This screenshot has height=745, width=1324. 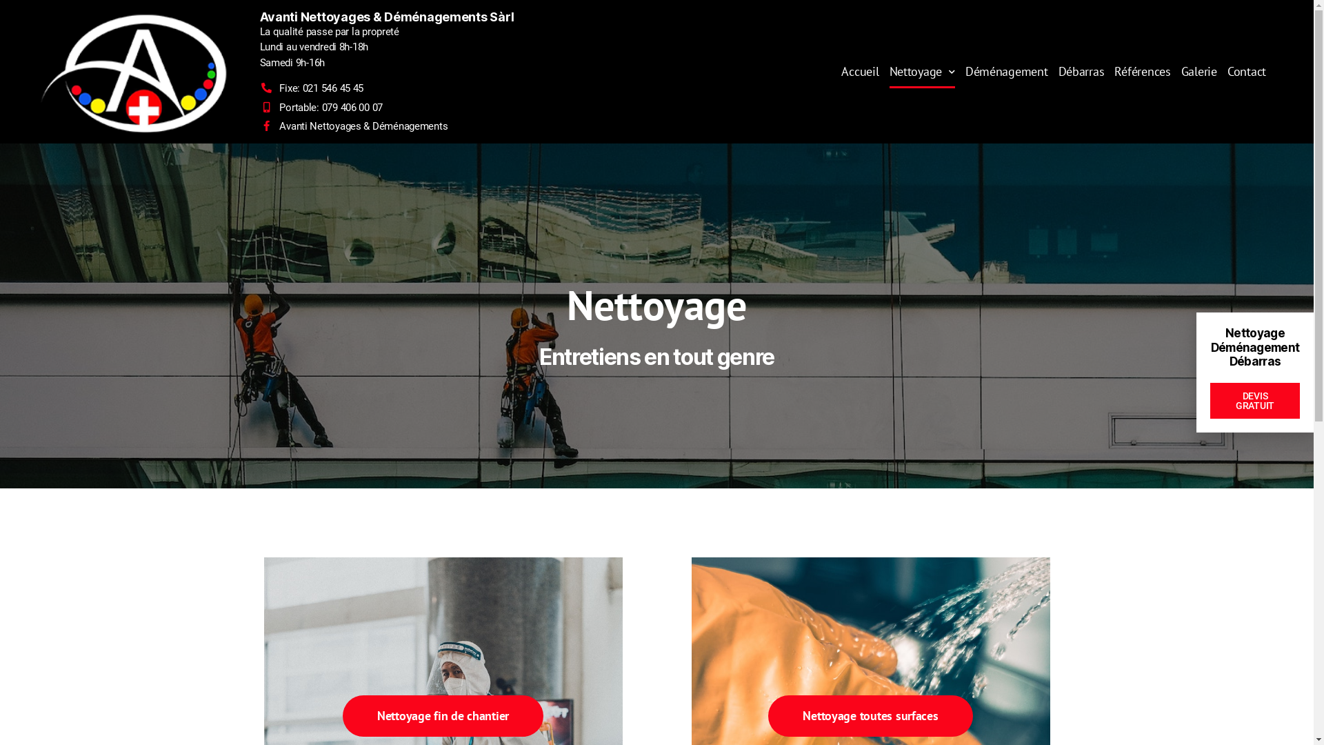 I want to click on 'Nettoyage fin de chantier', so click(x=443, y=715).